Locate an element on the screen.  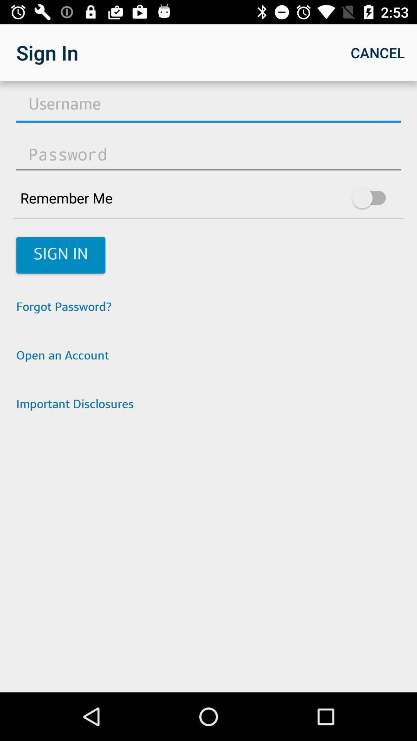
remember me item is located at coordinates (208, 198).